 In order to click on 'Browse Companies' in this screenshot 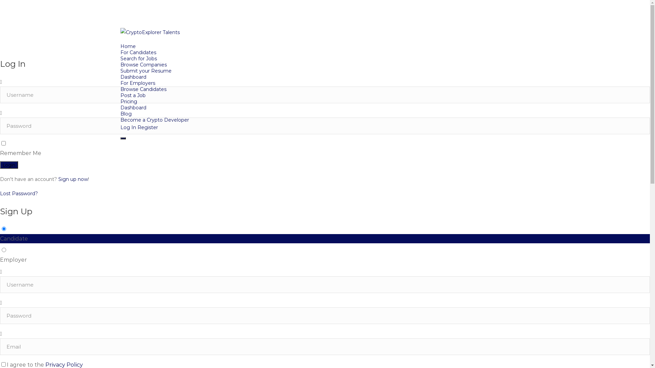, I will do `click(143, 64)`.